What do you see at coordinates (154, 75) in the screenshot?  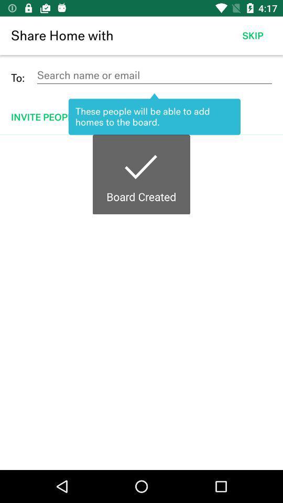 I see `mail textbox` at bounding box center [154, 75].